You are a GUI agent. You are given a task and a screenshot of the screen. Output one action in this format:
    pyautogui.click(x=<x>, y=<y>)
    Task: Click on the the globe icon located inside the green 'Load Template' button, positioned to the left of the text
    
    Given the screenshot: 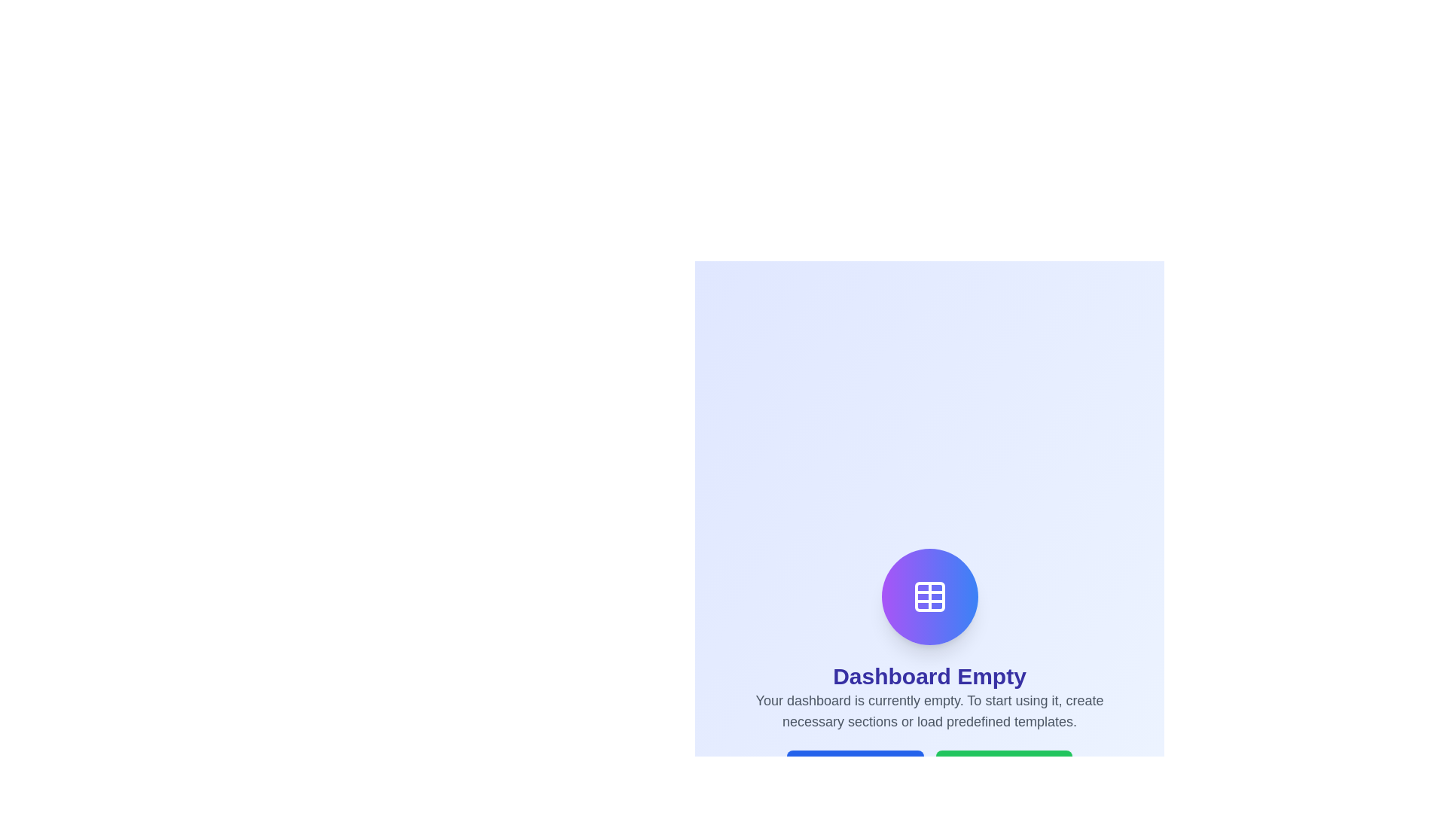 What is the action you would take?
    pyautogui.click(x=960, y=769)
    